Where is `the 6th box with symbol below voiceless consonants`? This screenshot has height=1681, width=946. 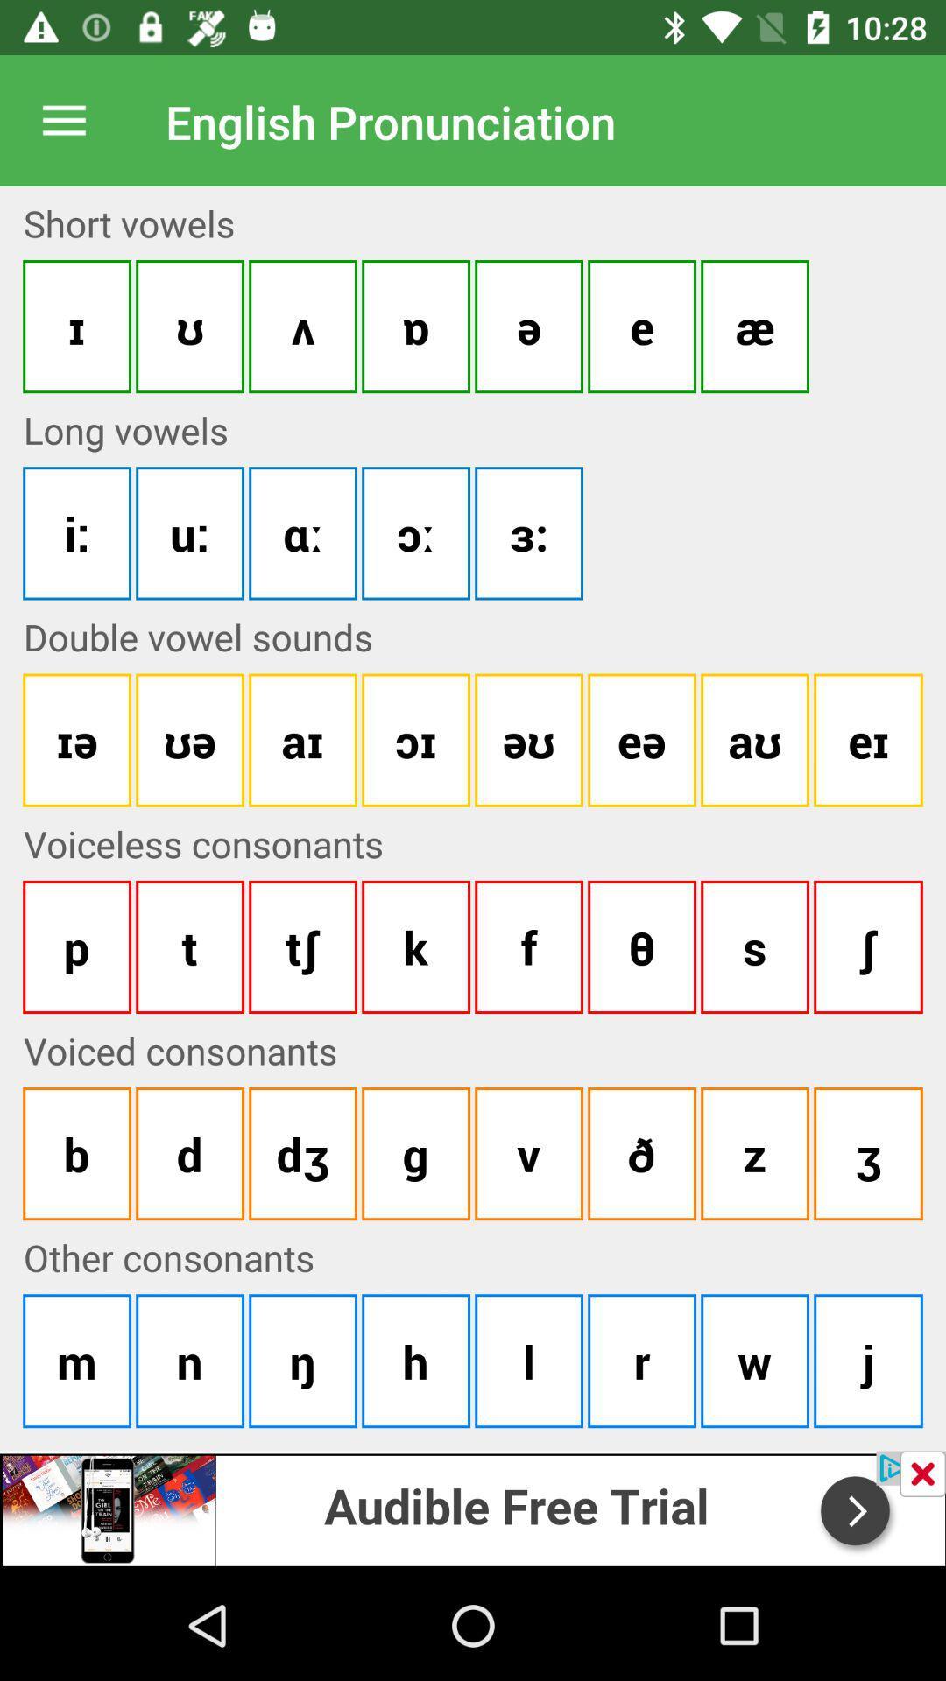
the 6th box with symbol below voiceless consonants is located at coordinates (641, 946).